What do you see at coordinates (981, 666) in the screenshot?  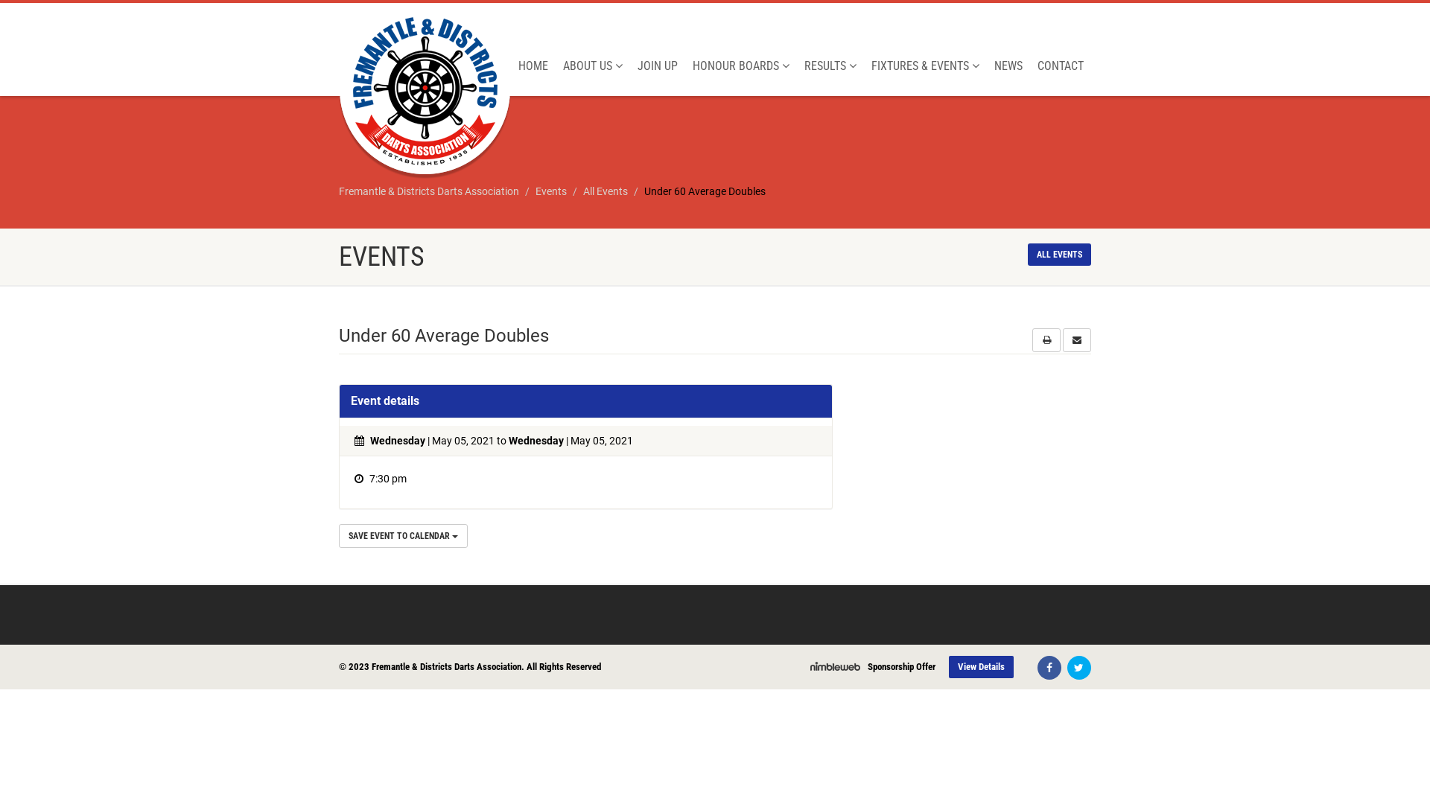 I see `'View Details'` at bounding box center [981, 666].